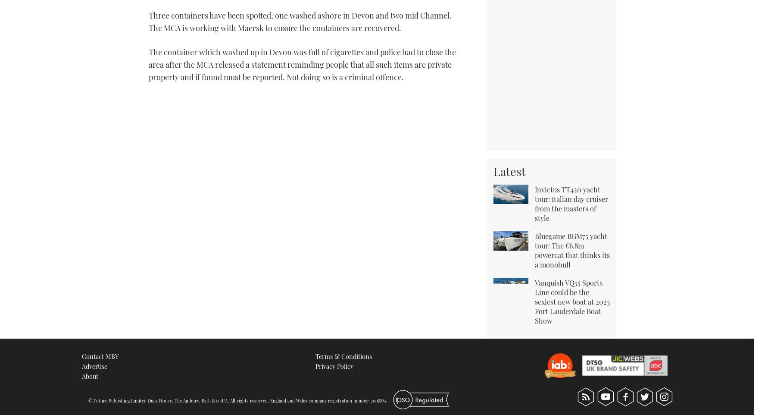  What do you see at coordinates (302, 64) in the screenshot?
I see `'The container which washed up in Devon was full of cigarettes and police had to close the area after the MCA released a statement reminding people that all such items are private property and if found must be reported. Not doing so is a criminal offence.'` at bounding box center [302, 64].